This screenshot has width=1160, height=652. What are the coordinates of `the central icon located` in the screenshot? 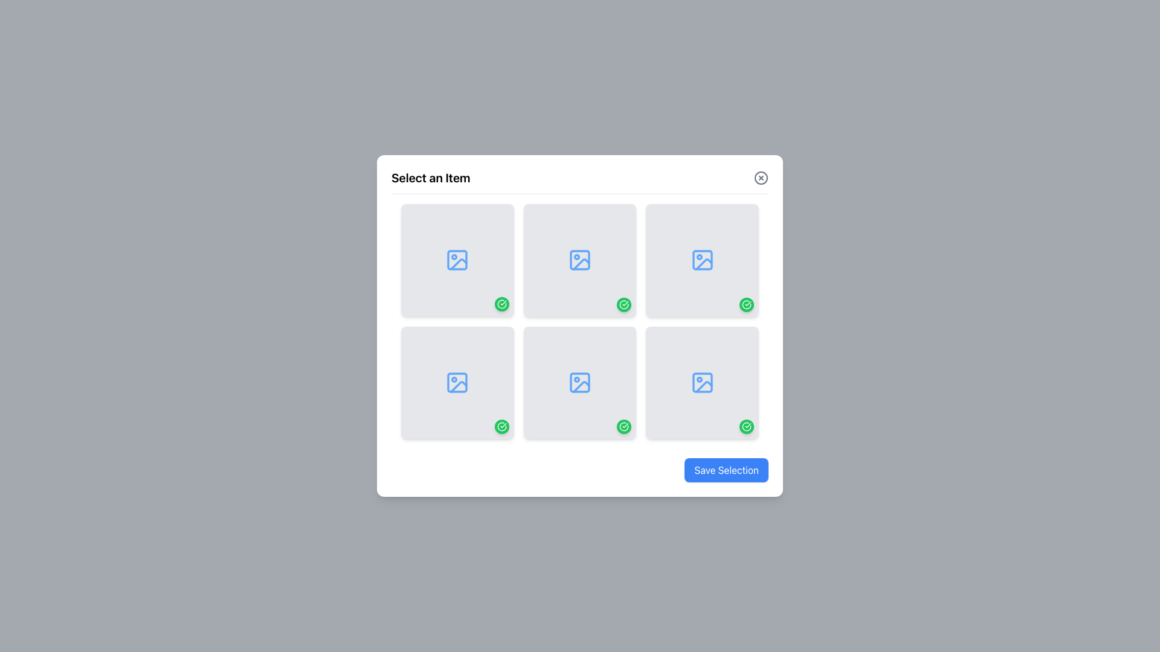 It's located at (580, 382).